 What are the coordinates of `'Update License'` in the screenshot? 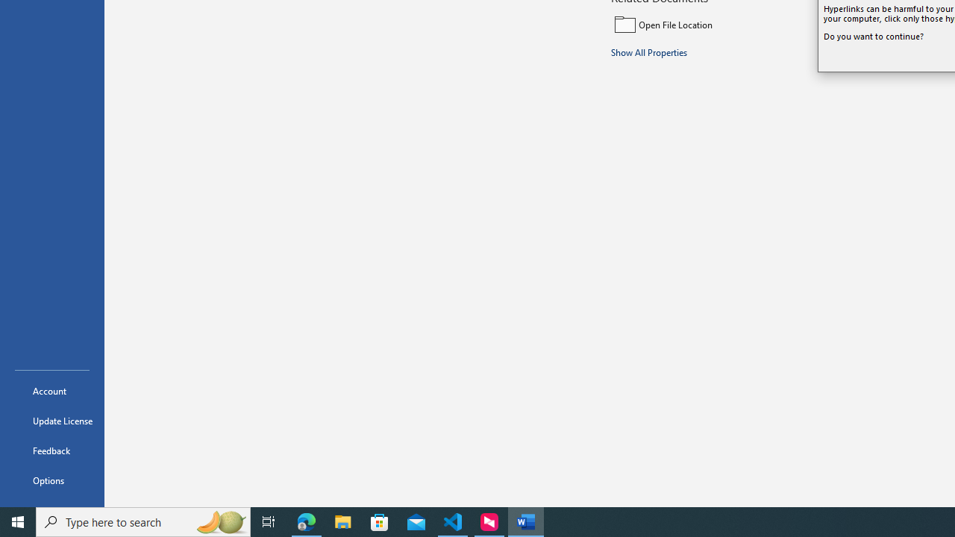 It's located at (51, 421).